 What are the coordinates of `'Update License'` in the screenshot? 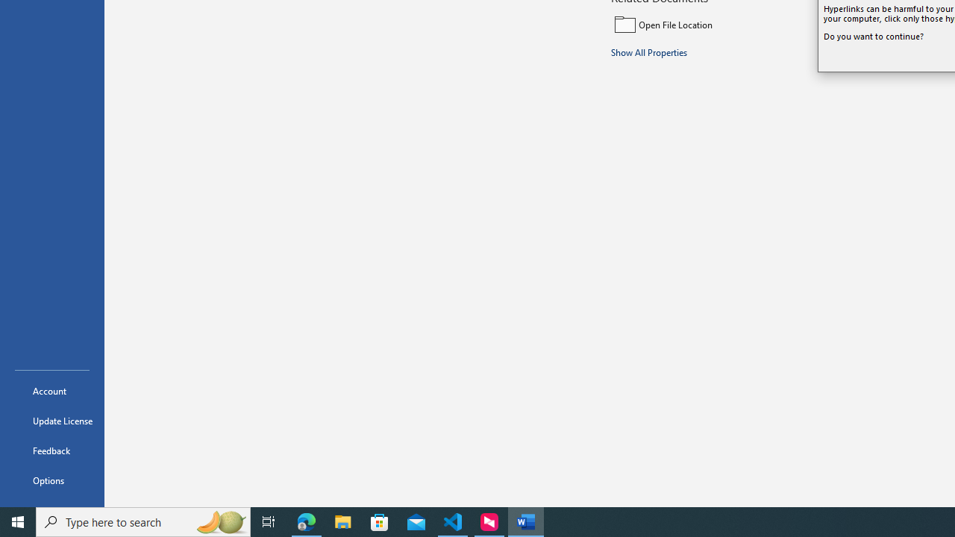 It's located at (51, 421).